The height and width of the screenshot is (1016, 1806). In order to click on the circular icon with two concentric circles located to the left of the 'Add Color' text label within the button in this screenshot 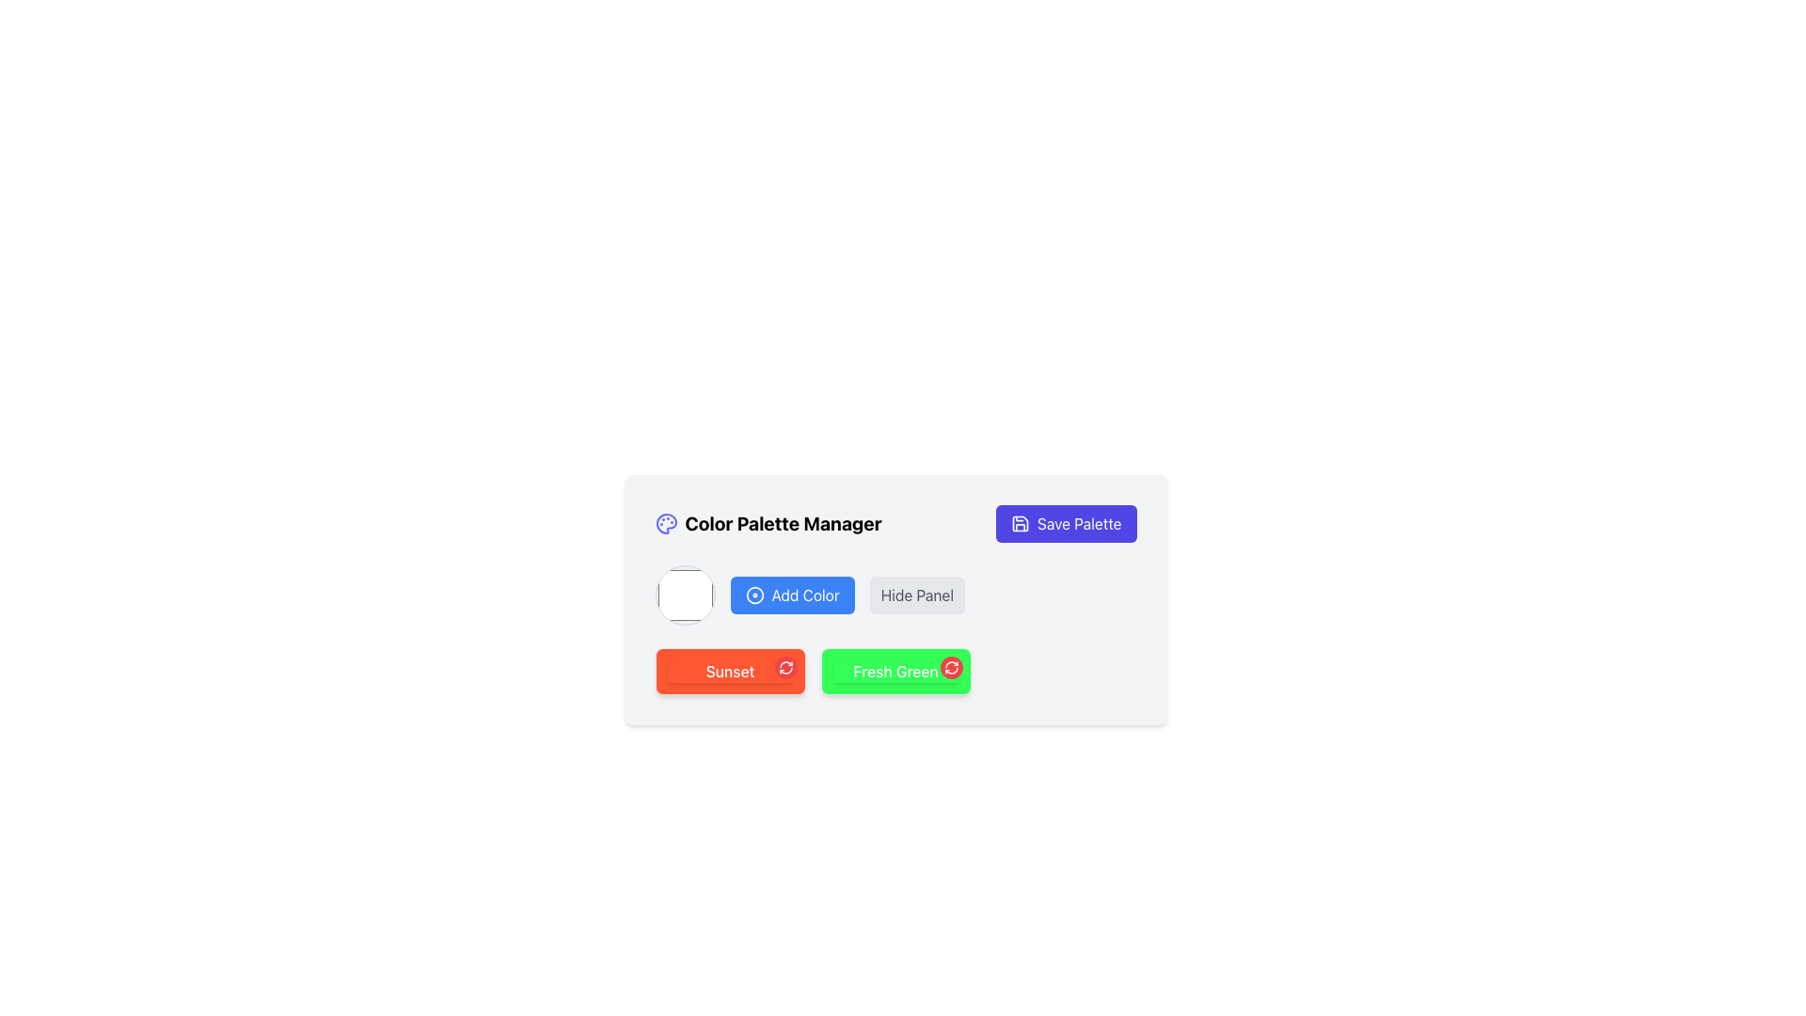, I will do `click(754, 595)`.